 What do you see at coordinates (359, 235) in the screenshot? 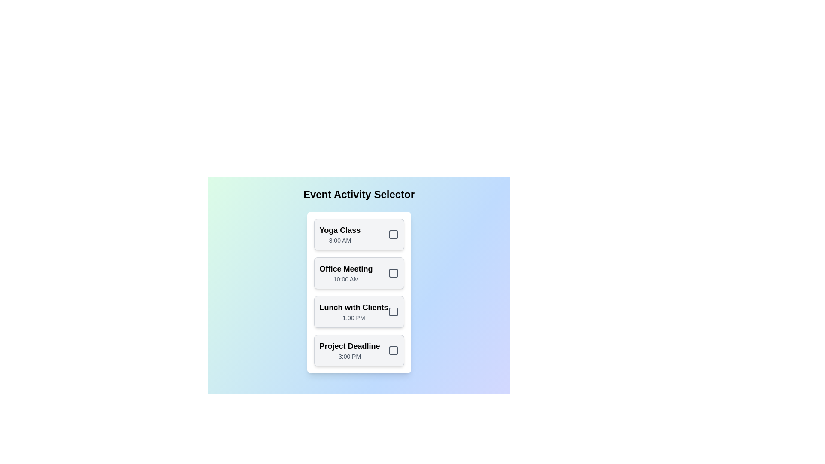
I see `the activity card for Yoga Class` at bounding box center [359, 235].